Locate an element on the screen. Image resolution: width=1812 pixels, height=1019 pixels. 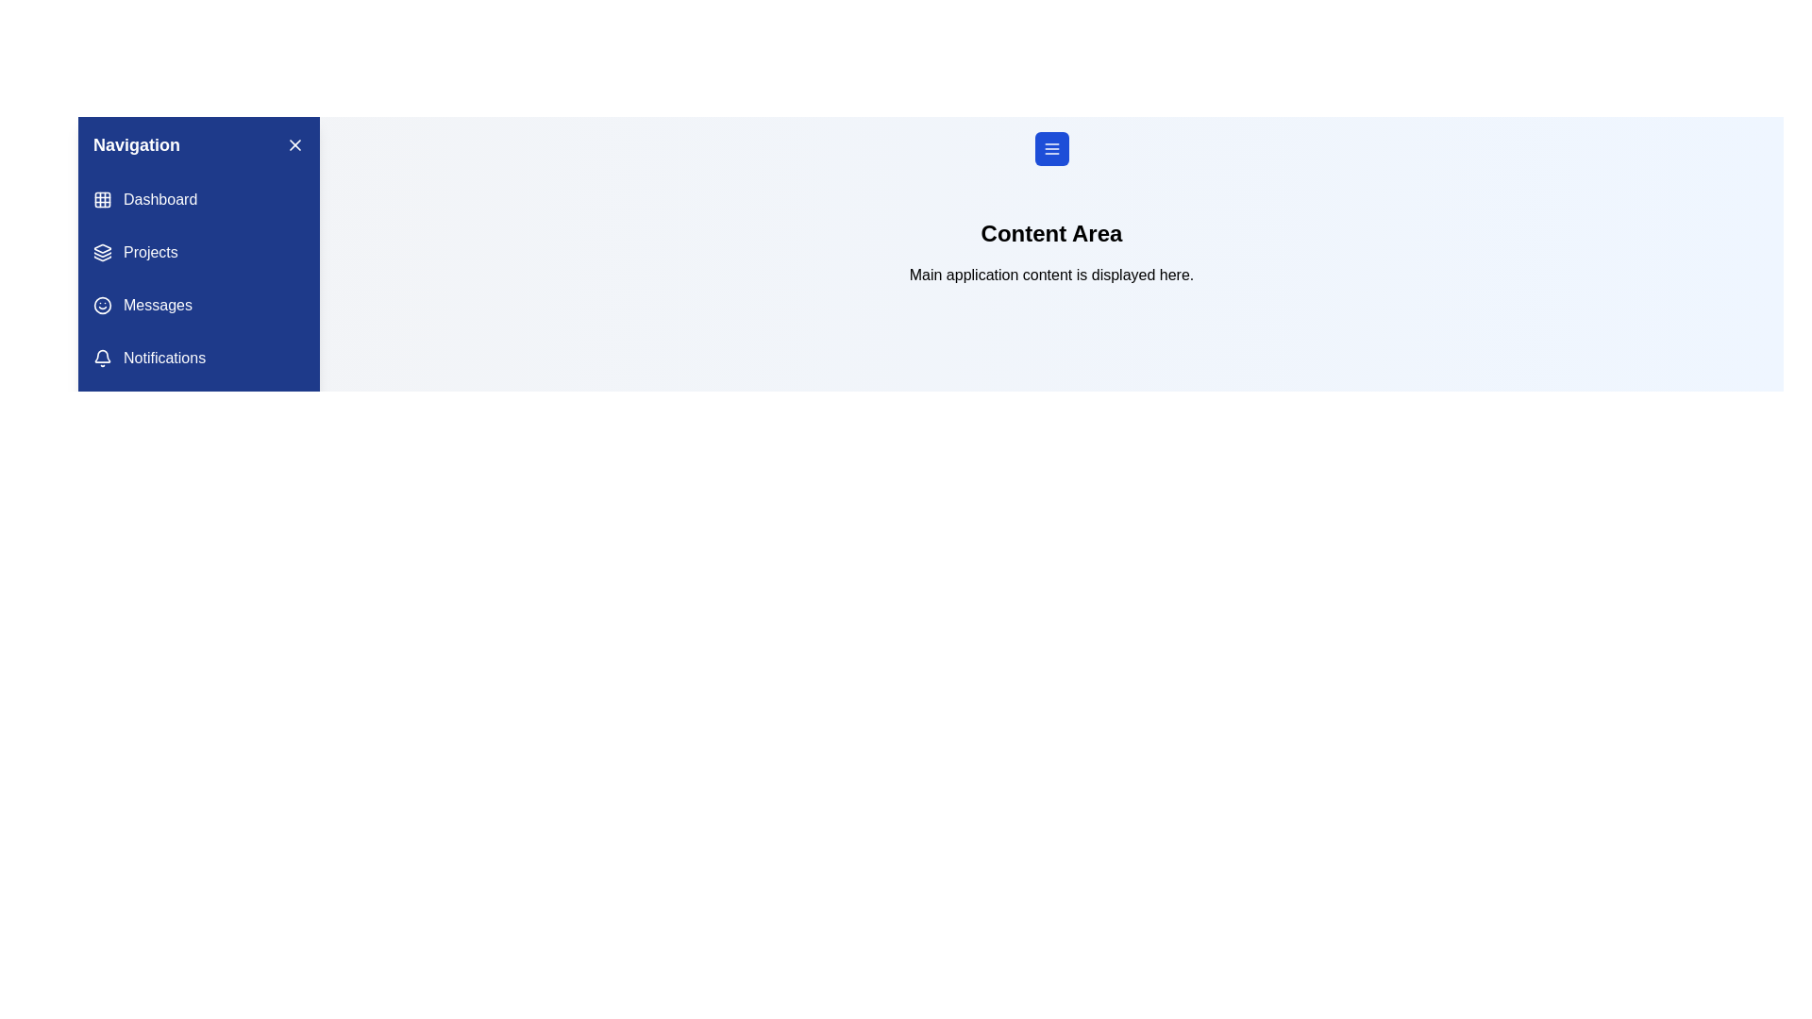
the navigation menu item labeled Messages is located at coordinates (199, 305).